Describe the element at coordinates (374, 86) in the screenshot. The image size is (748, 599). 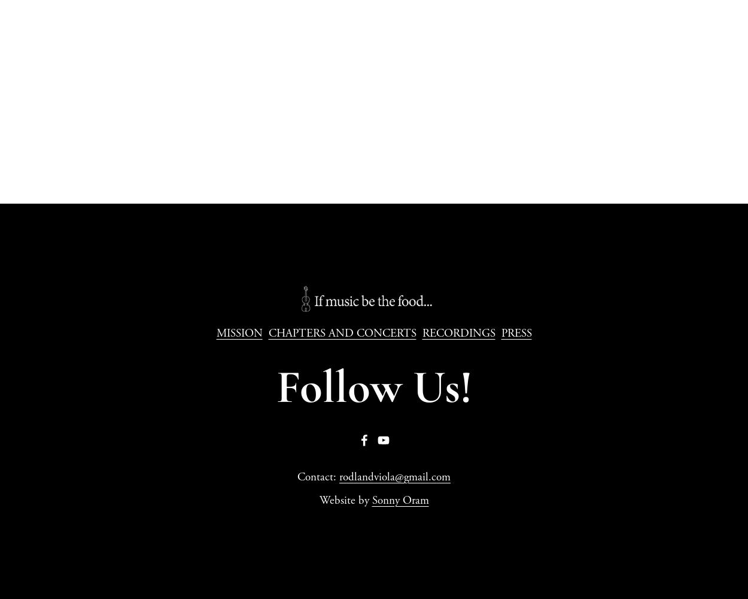
I see `'Recordings'` at that location.